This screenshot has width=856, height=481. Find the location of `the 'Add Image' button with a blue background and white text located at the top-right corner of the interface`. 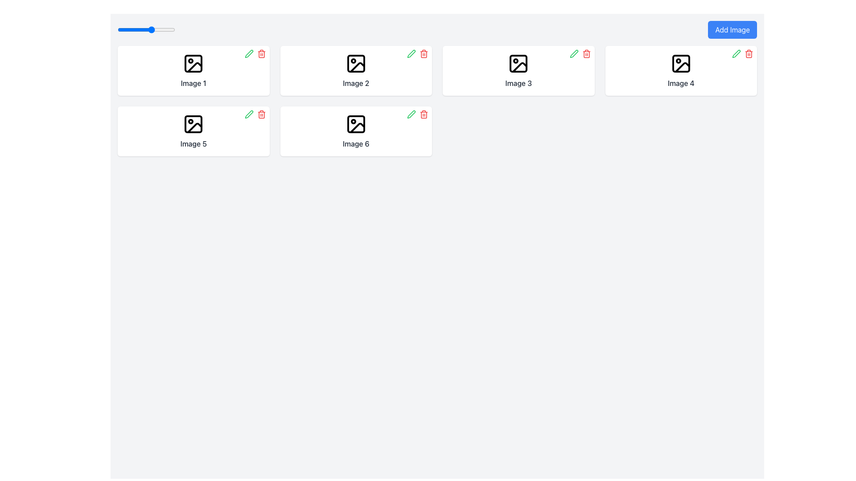

the 'Add Image' button with a blue background and white text located at the top-right corner of the interface is located at coordinates (733, 29).